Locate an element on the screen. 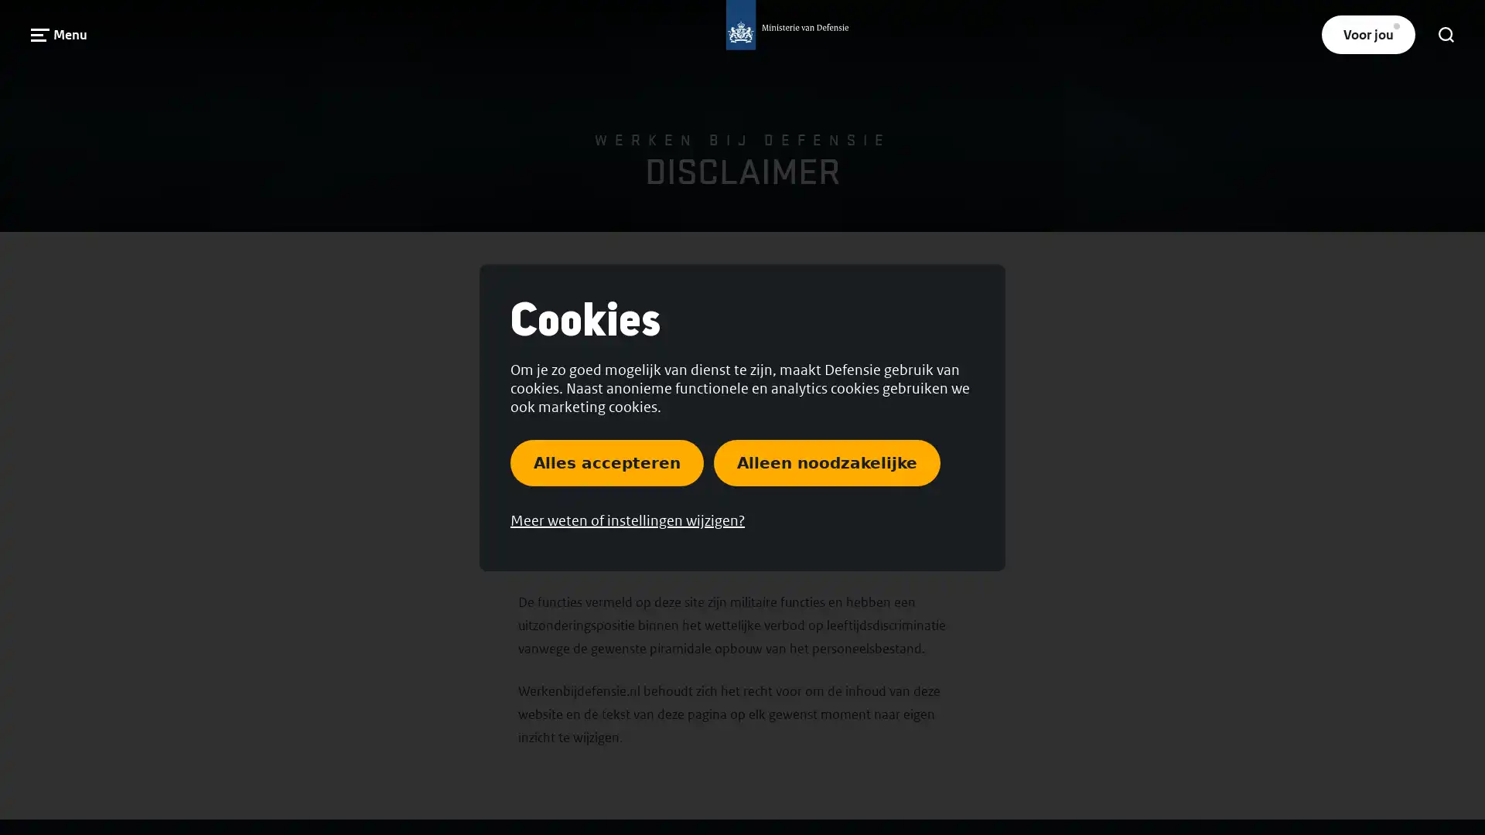 The height and width of the screenshot is (835, 1485). Zoeken openen is located at coordinates (1446, 35).